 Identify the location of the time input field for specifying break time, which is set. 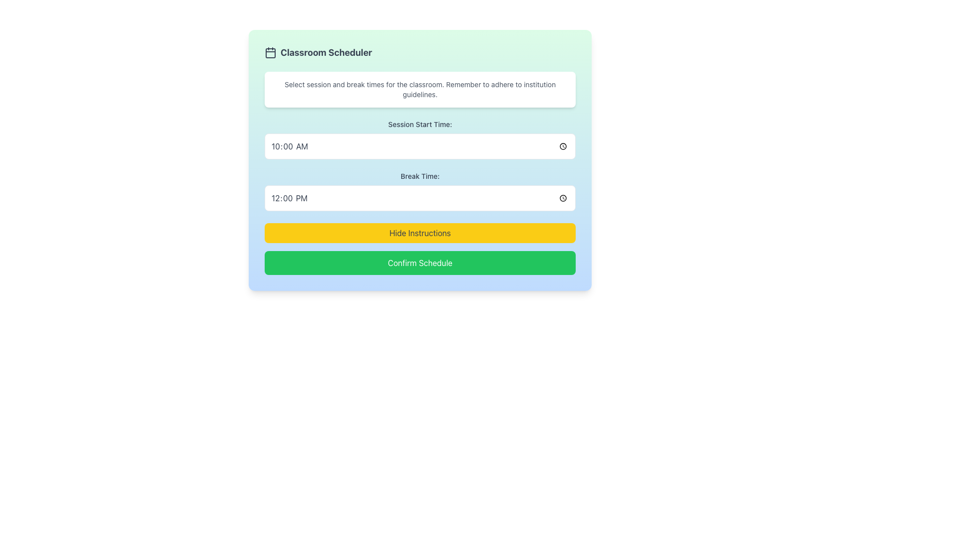
(420, 198).